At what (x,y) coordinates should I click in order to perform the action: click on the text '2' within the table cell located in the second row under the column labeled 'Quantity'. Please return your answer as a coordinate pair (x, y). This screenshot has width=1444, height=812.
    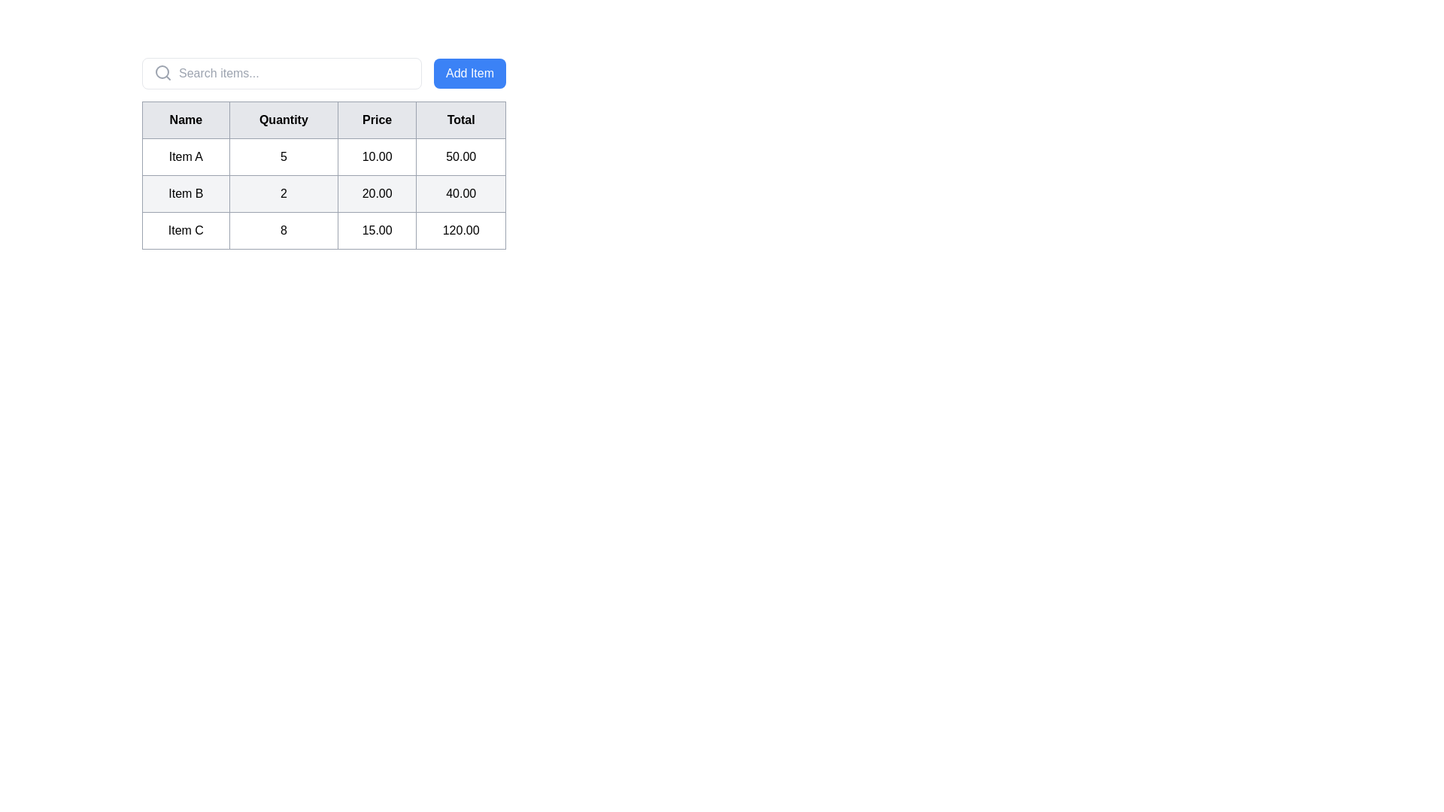
    Looking at the image, I should click on (323, 193).